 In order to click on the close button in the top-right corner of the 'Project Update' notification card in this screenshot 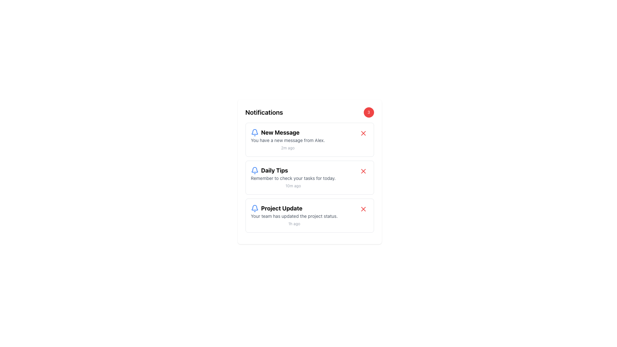, I will do `click(363, 209)`.